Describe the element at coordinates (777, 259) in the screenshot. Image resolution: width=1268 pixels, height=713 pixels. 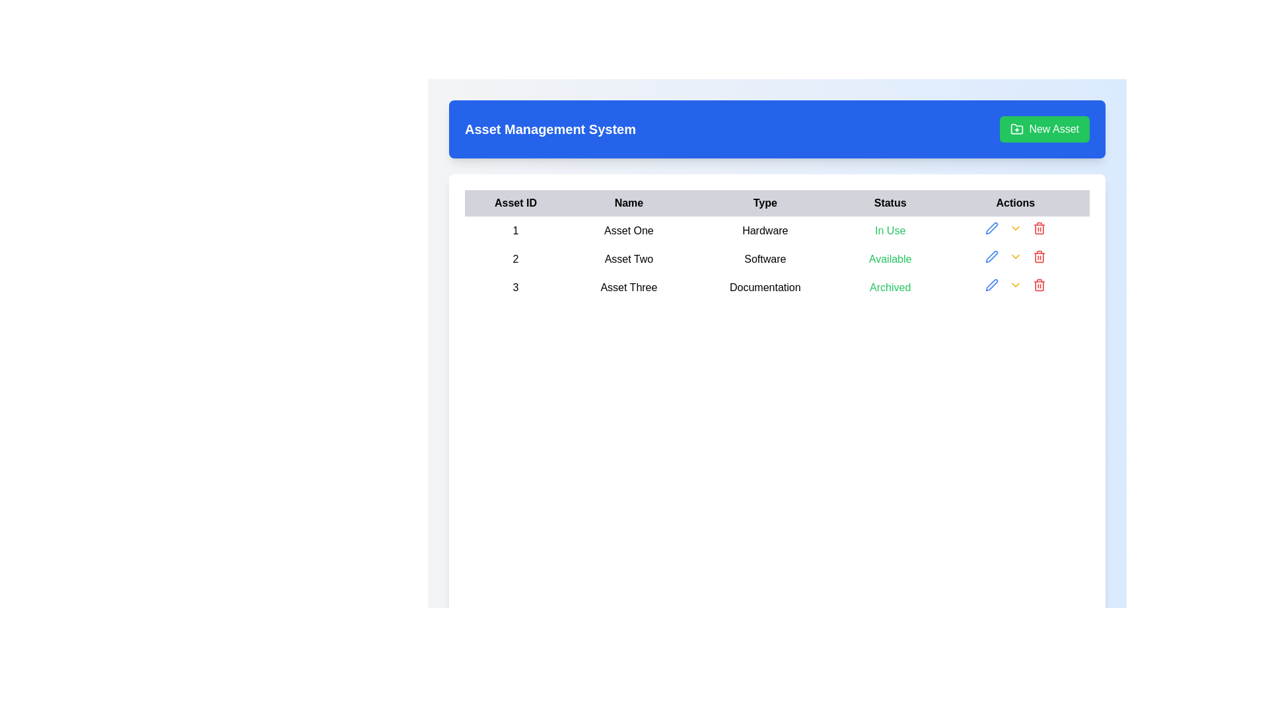
I see `the second row in the Asset Management System table that contains the identification '2', name 'Asset Two', type 'Software', and status 'Available'` at that location.